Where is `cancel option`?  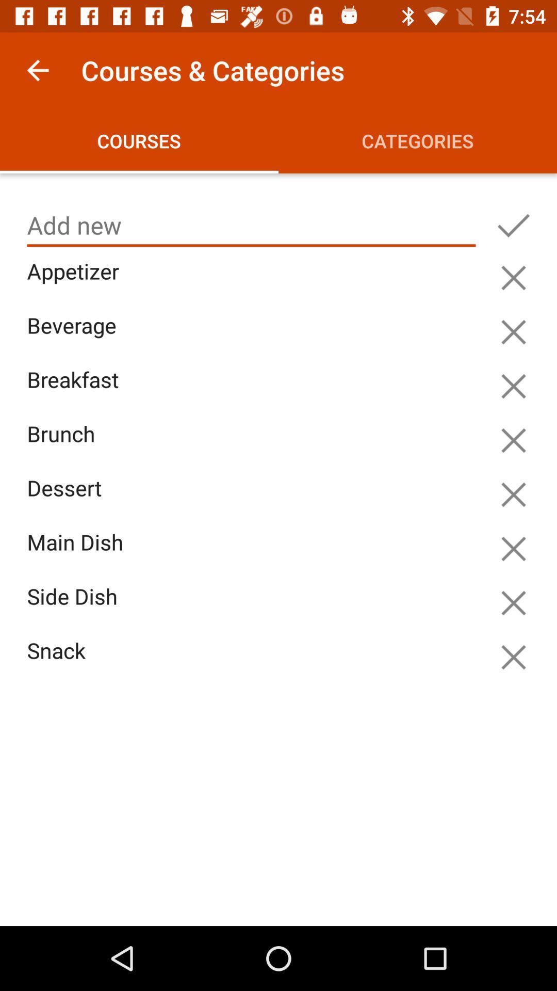
cancel option is located at coordinates (513, 494).